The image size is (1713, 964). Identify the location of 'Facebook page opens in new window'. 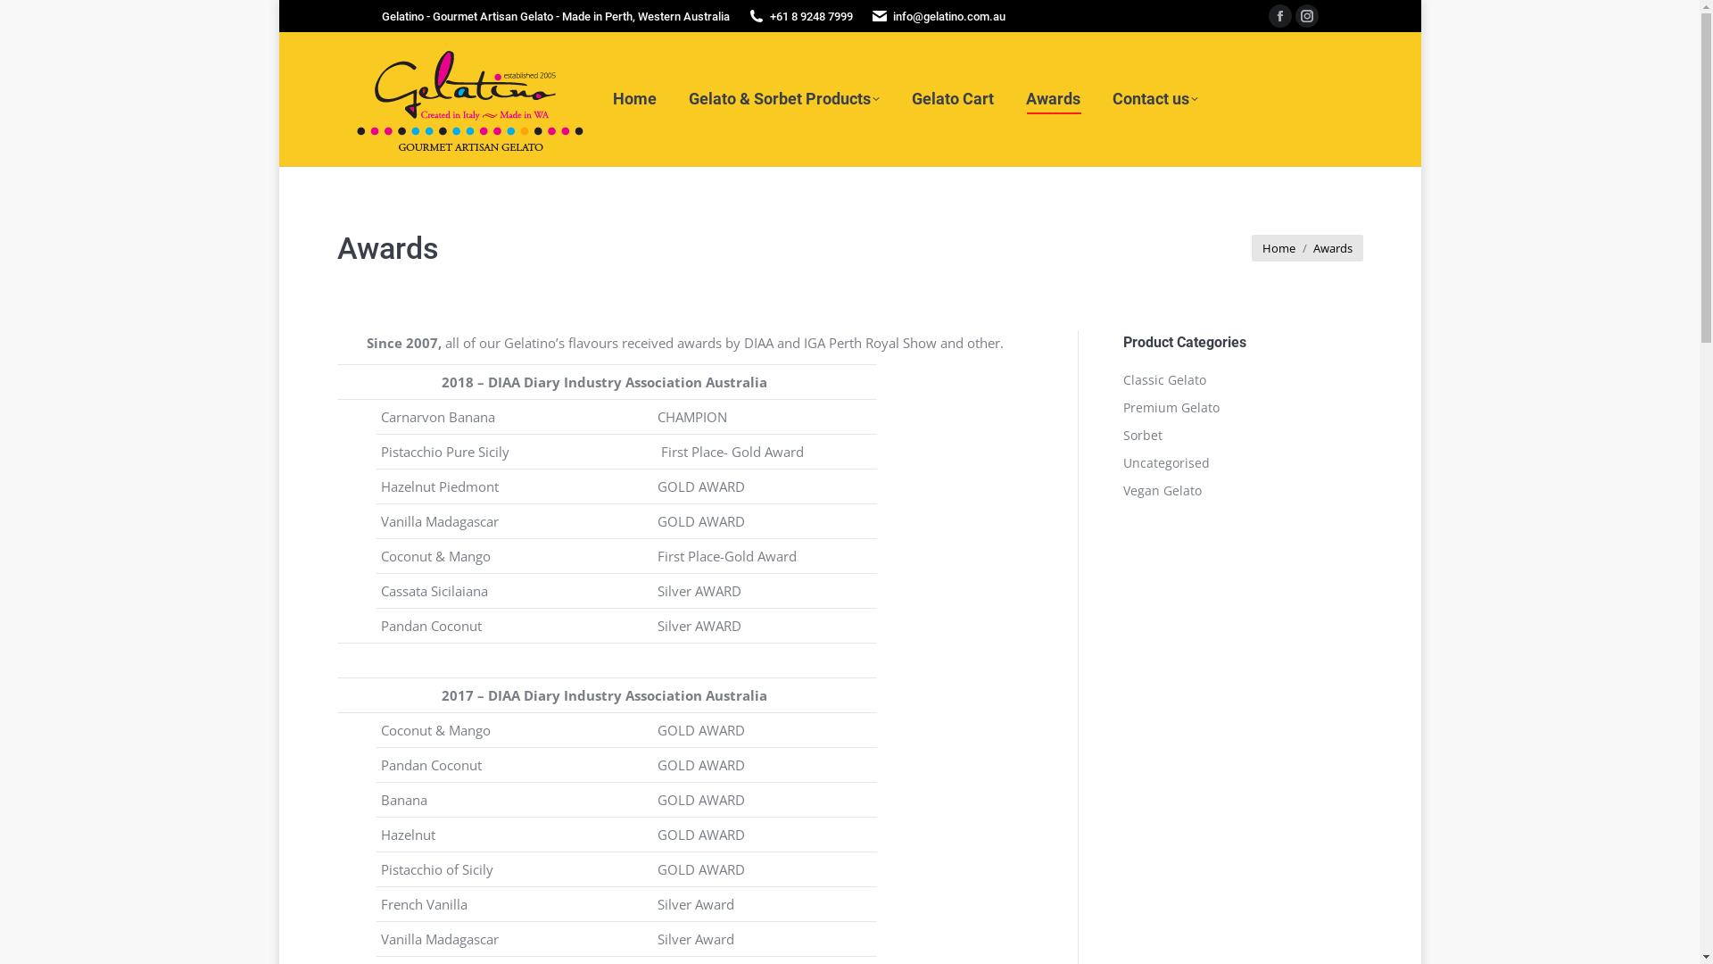
(1279, 16).